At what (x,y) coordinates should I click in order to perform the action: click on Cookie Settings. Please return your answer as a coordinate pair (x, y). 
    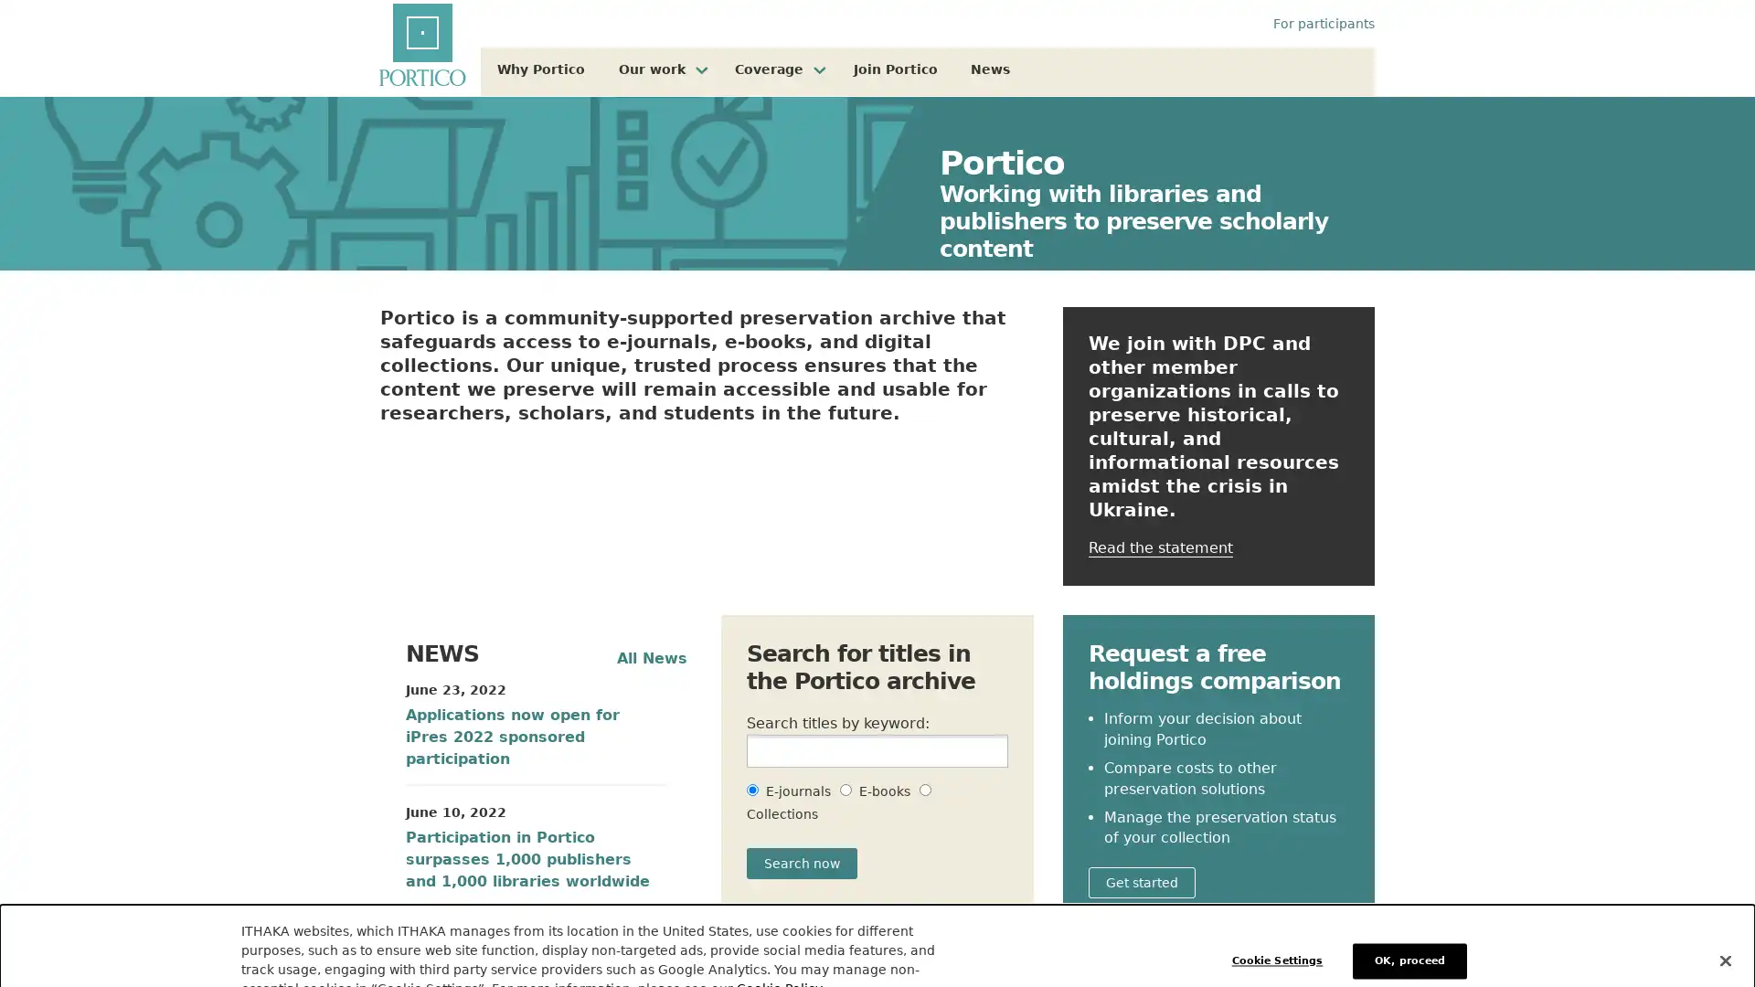
    Looking at the image, I should click on (1281, 928).